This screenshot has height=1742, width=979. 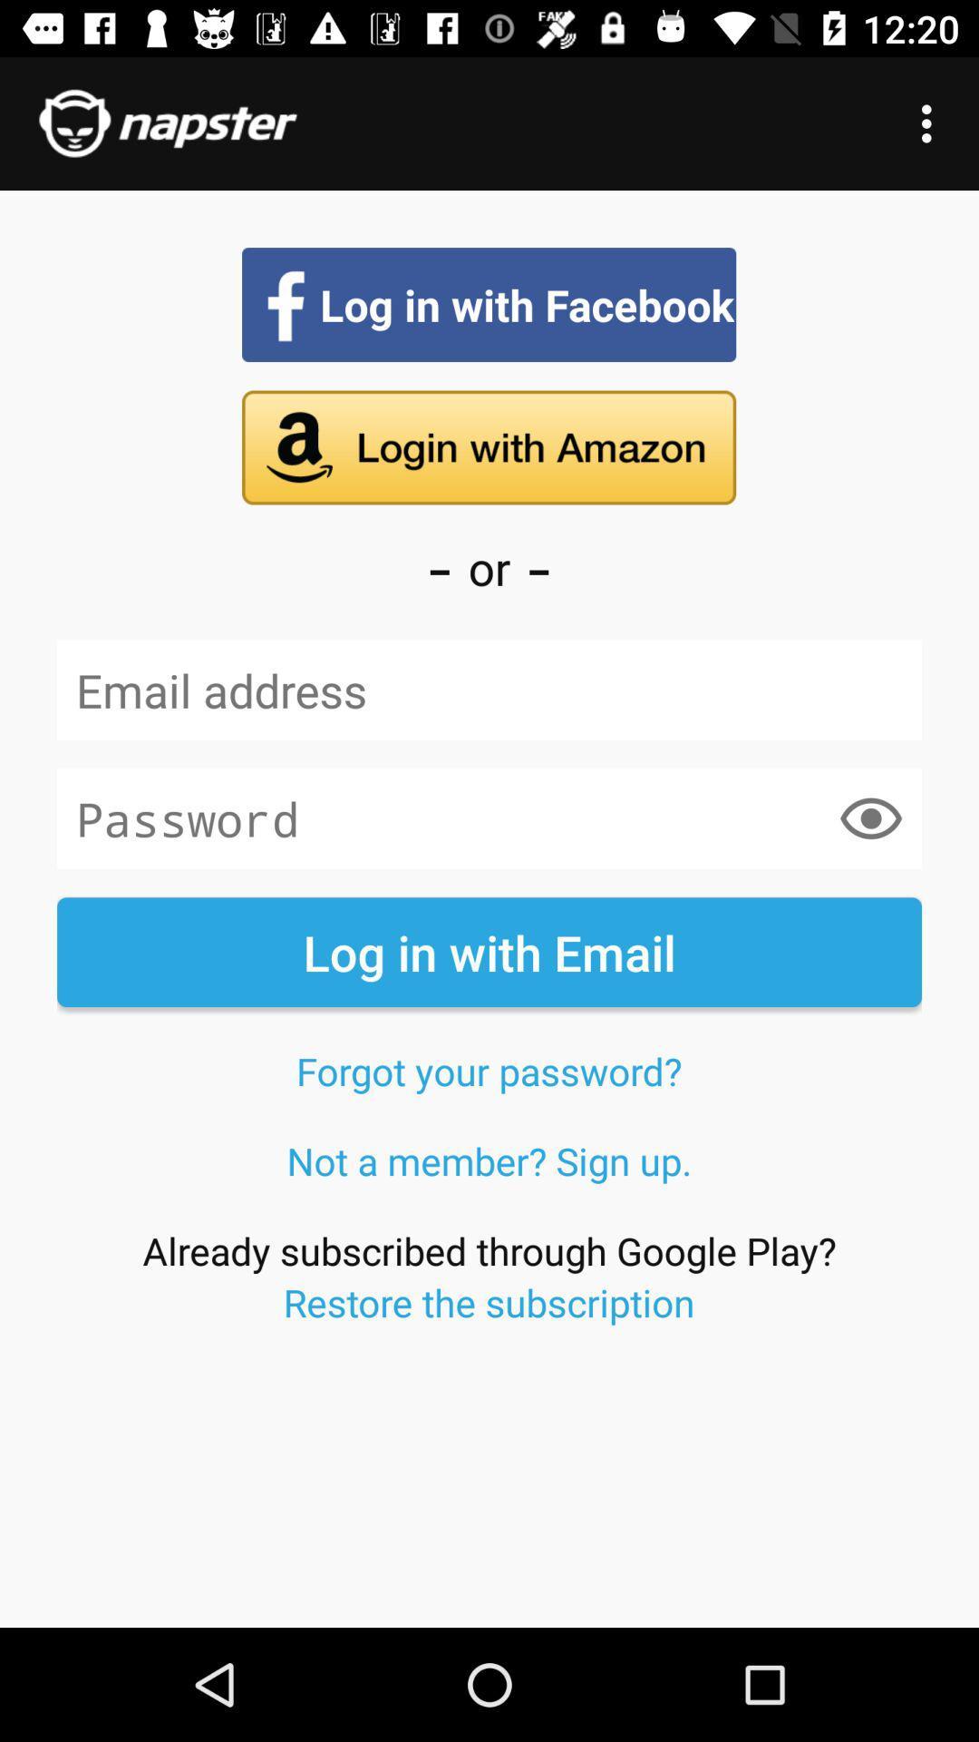 I want to click on the item above the already subscribed through item, so click(x=489, y=1160).